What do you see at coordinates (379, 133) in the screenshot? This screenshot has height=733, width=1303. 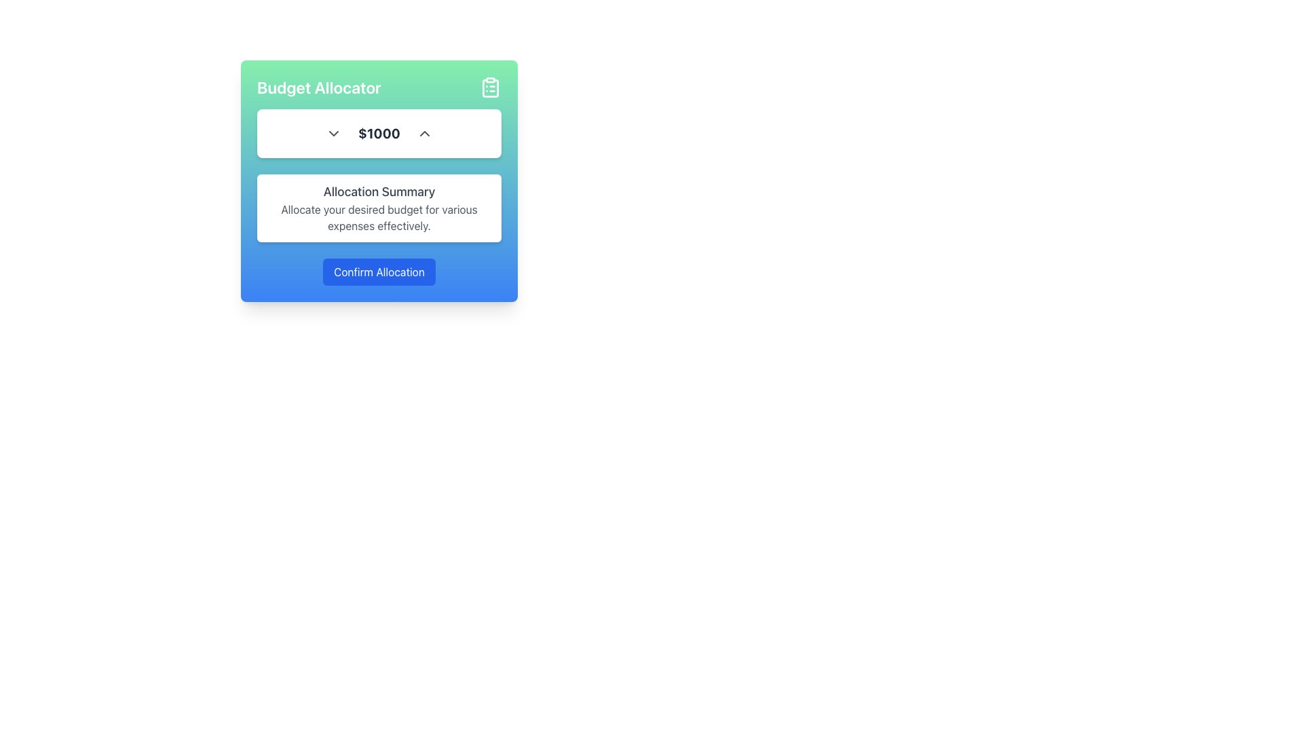 I see `the text label displaying '$1000' in bold, dark-gray, extra-large font, located in the center of a white card-like box` at bounding box center [379, 133].